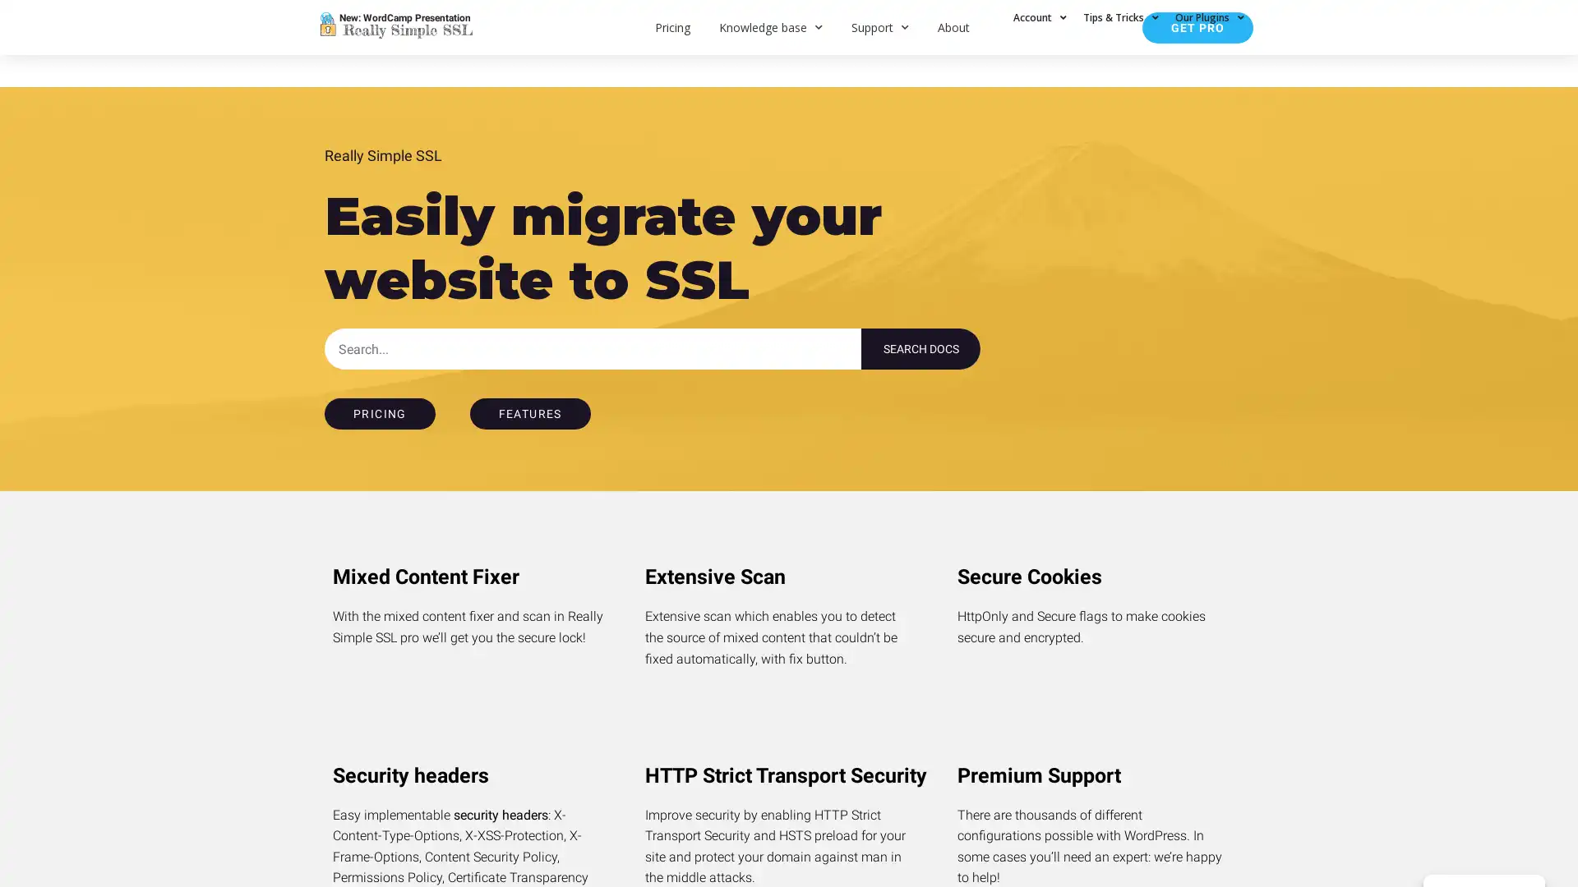 This screenshot has width=1578, height=887. I want to click on GET PRO, so click(1197, 27).